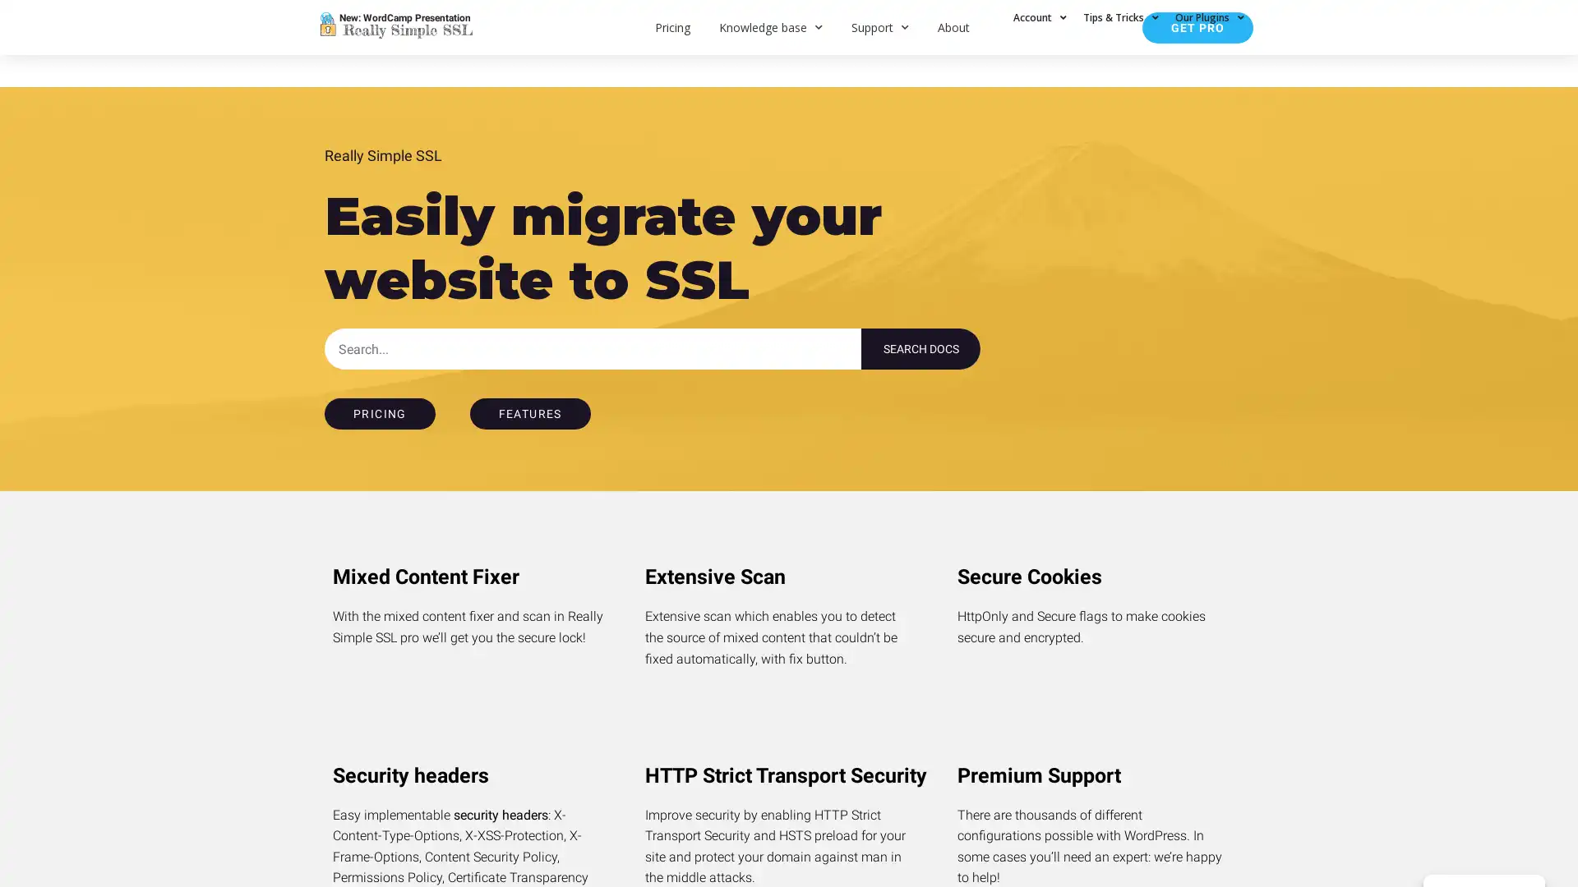 This screenshot has width=1578, height=887. I want to click on GET PRO, so click(1197, 27).